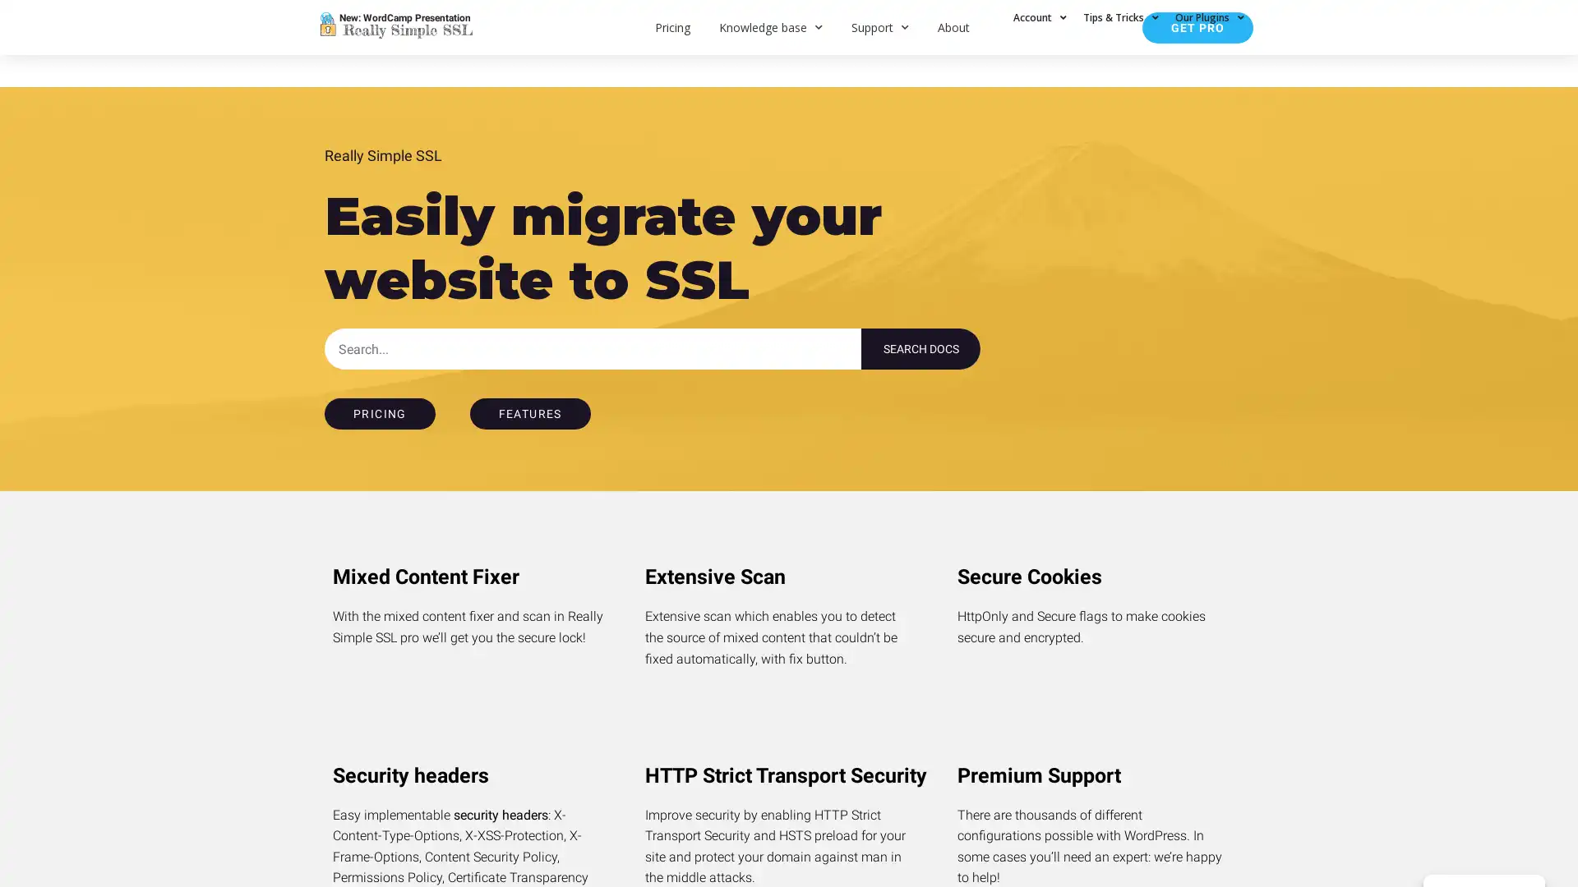 This screenshot has width=1578, height=887. I want to click on GET PRO, so click(1197, 27).